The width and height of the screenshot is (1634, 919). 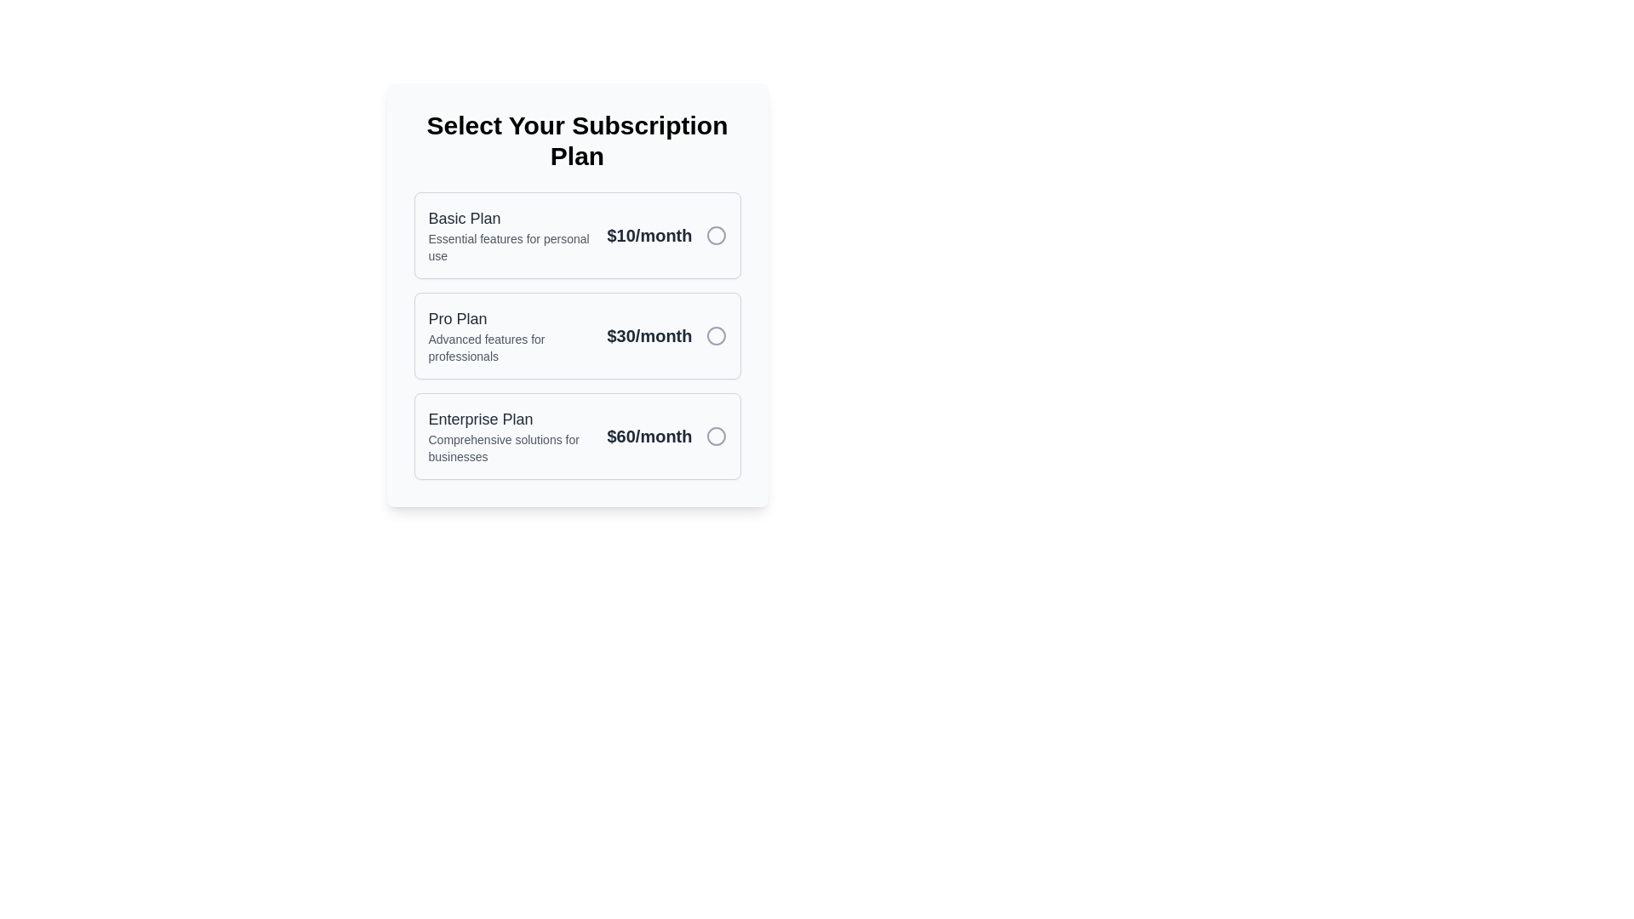 I want to click on the 'Enterprise Plan' text label, which is displayed in a larger, bold font and serves as the title for the associated subscription plan in the third subscription block, so click(x=510, y=420).